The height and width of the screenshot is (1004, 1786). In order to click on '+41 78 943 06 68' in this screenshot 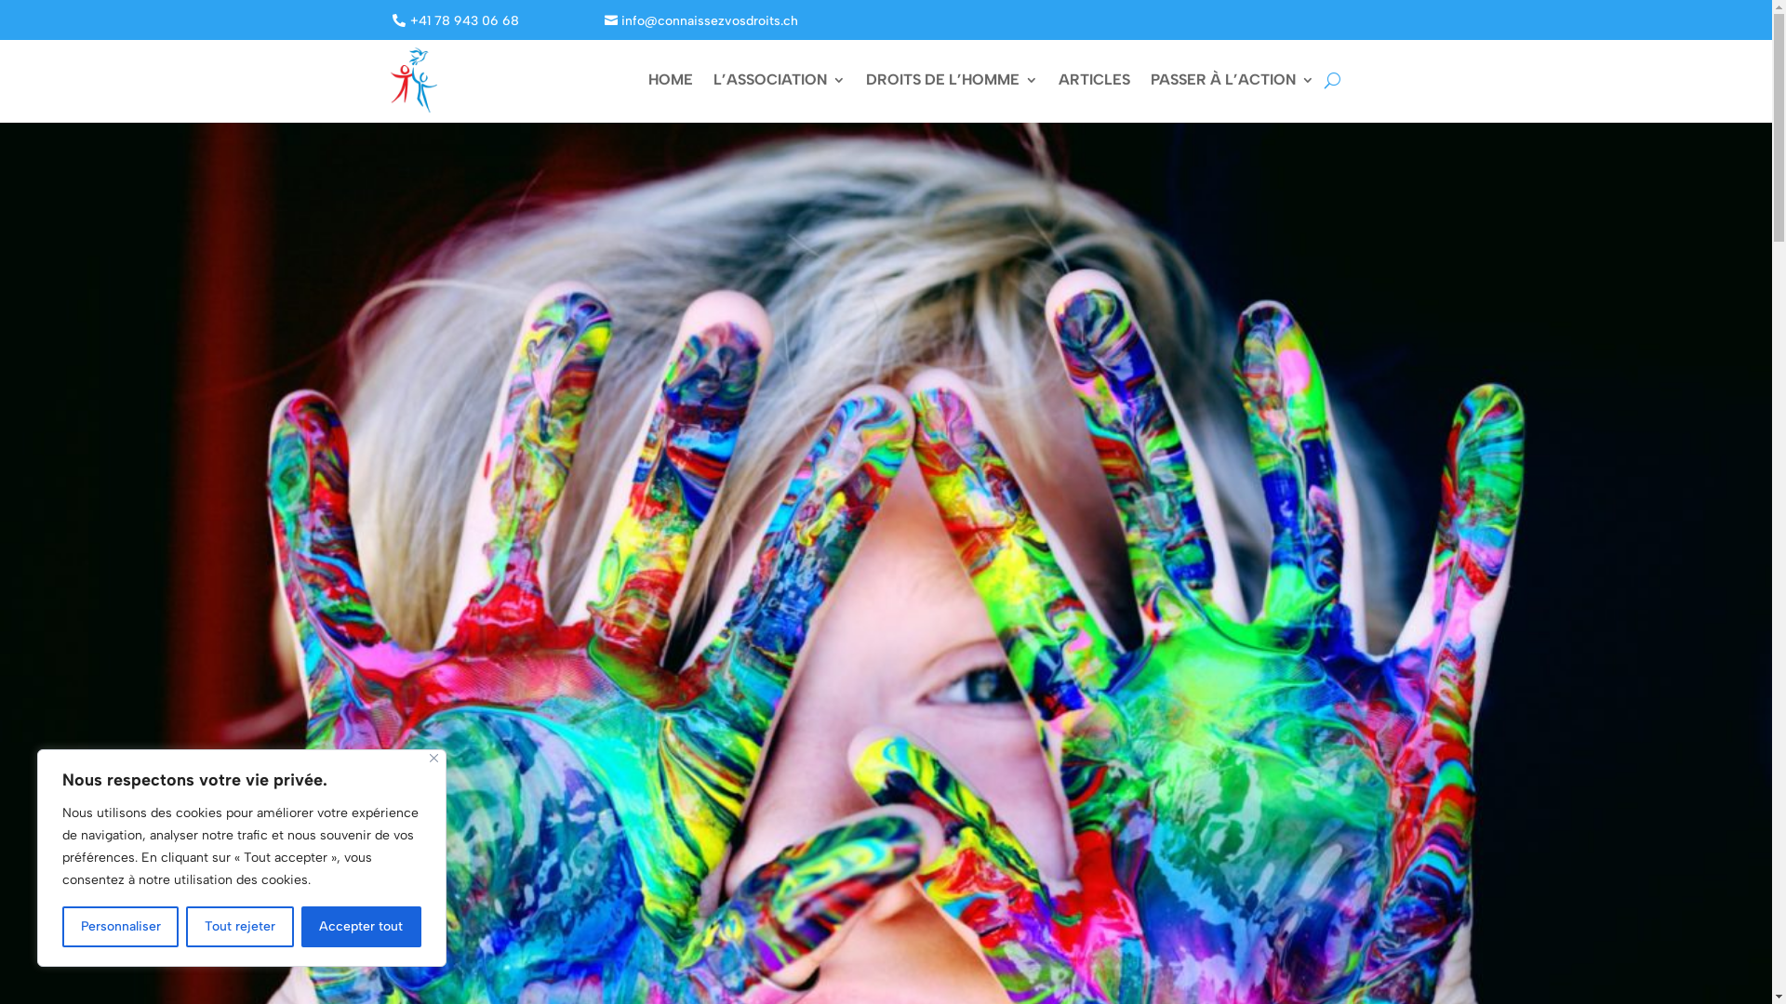, I will do `click(455, 21)`.